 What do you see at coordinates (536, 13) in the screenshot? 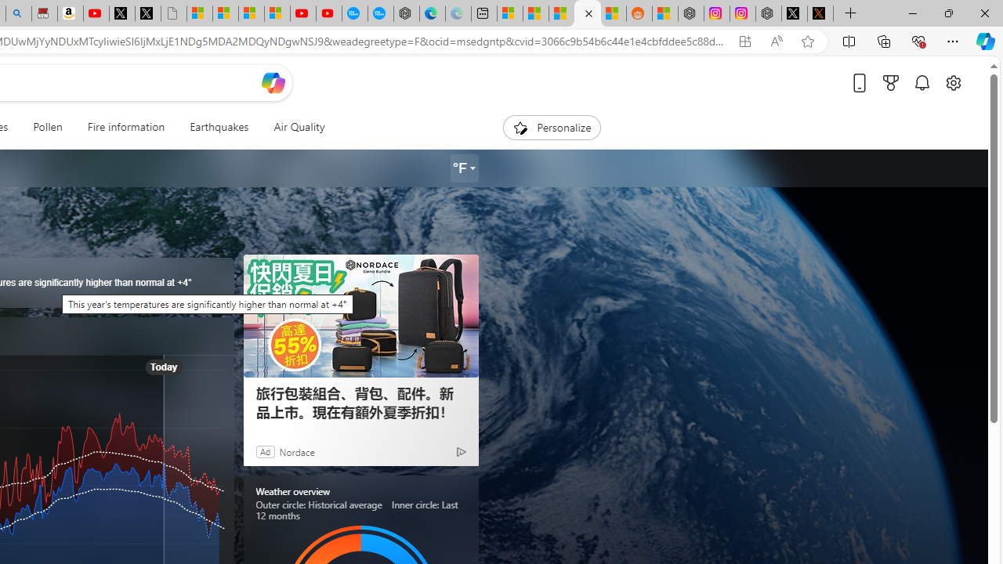
I see `'Shanghai, China weather forecast | Microsoft Weather'` at bounding box center [536, 13].